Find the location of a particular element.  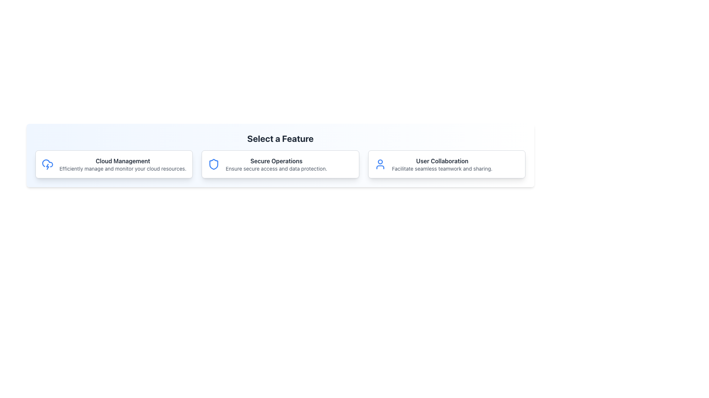

the circular head icon within the user icon of the 'User Collaboration' feature card located on the rightmost side of the feature selection section is located at coordinates (380, 161).